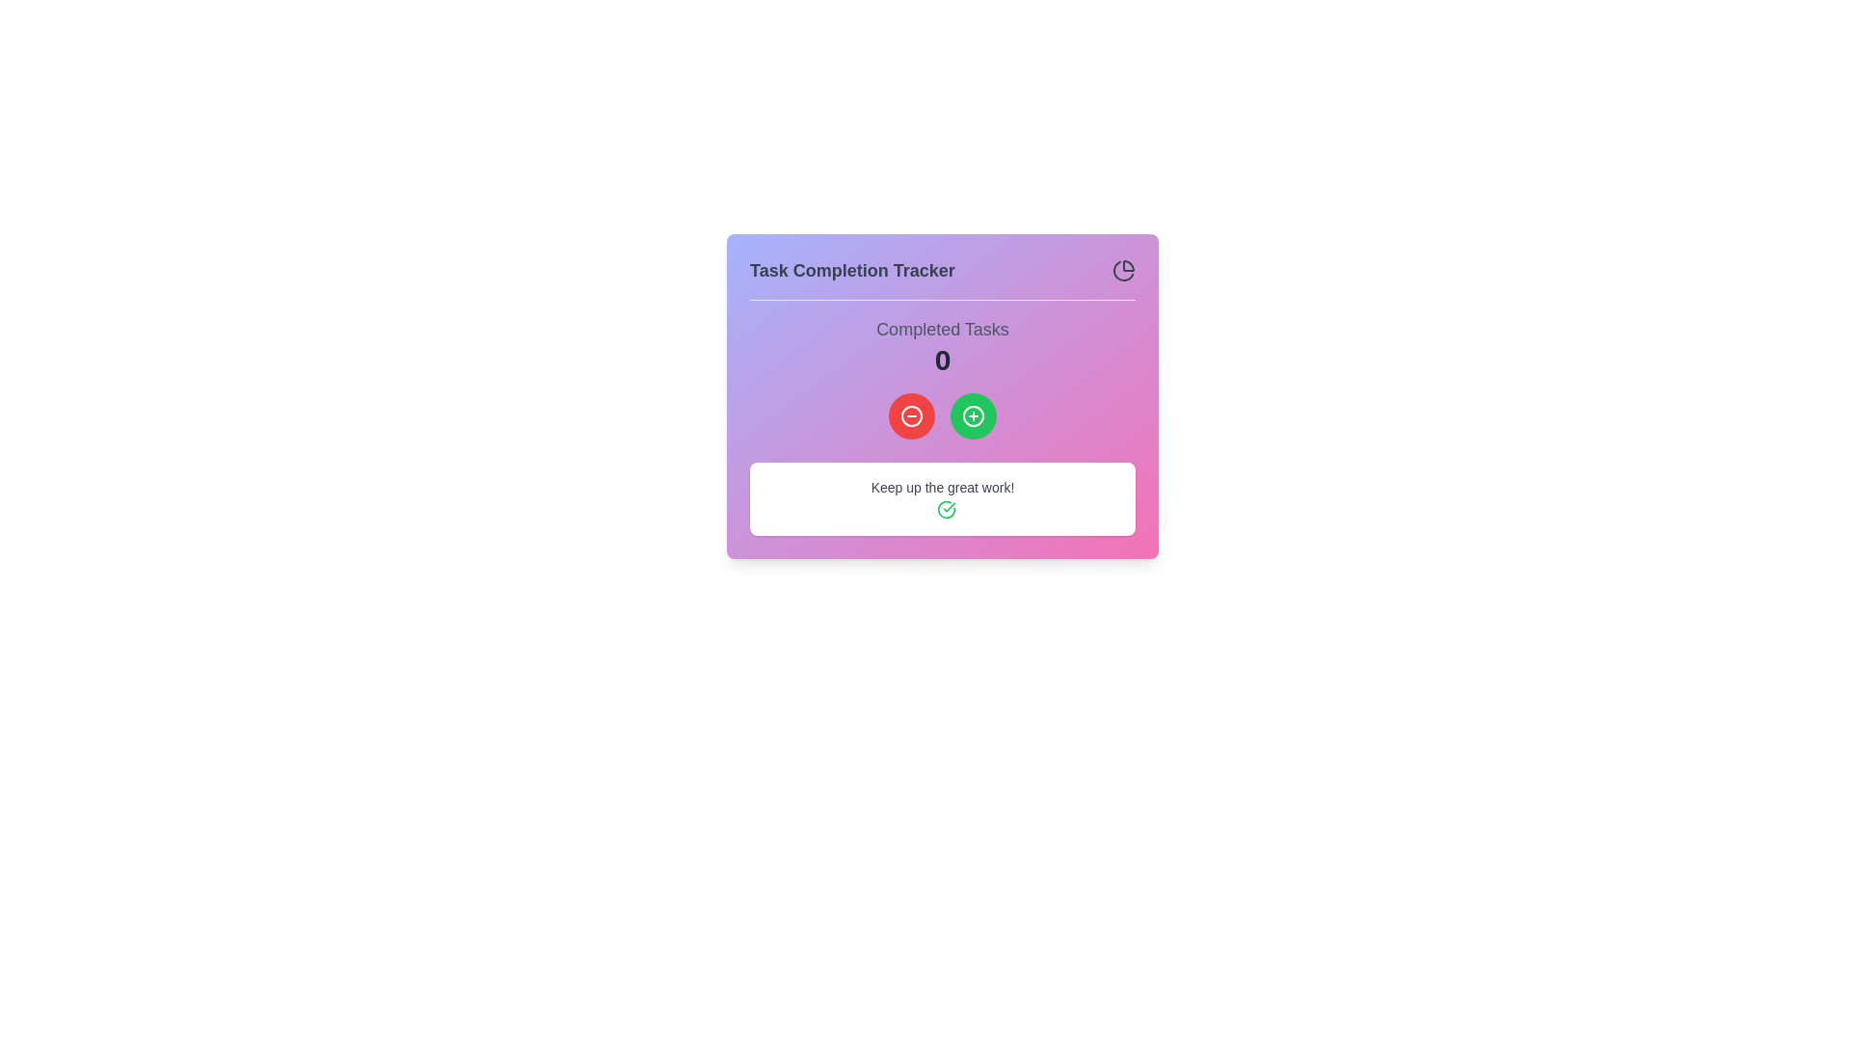  I want to click on the circular green button with a white border and plus icon, located in the bottom section of the 'Task Completion Tracker' modal, so click(973, 415).